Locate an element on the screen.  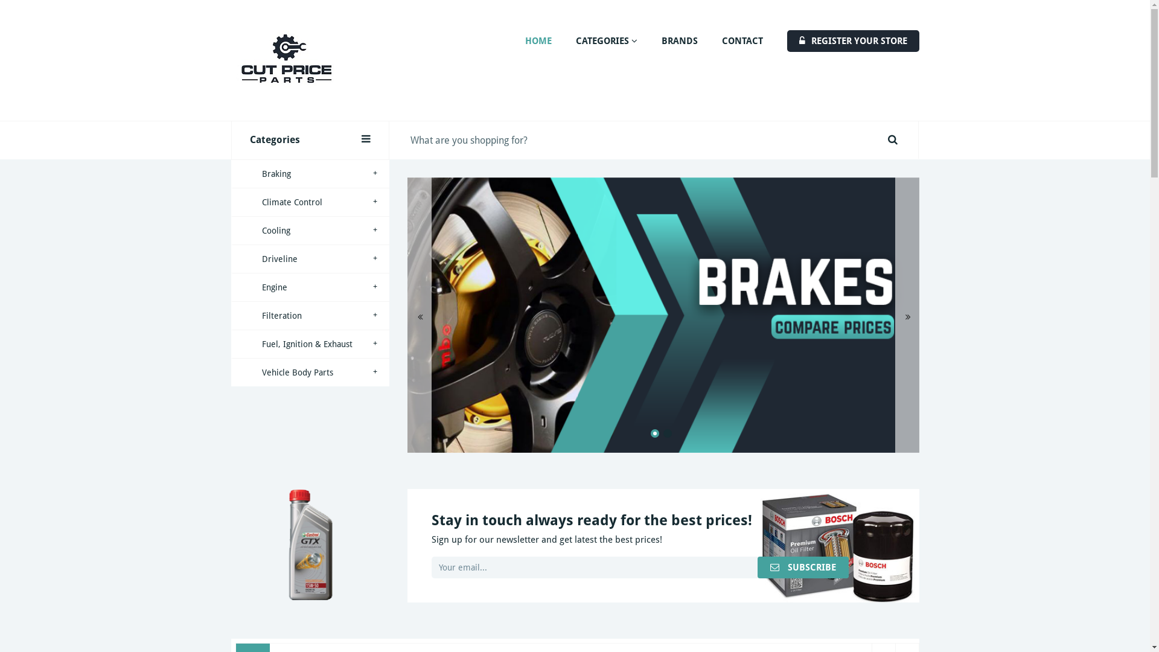
'+ is located at coordinates (310, 258).